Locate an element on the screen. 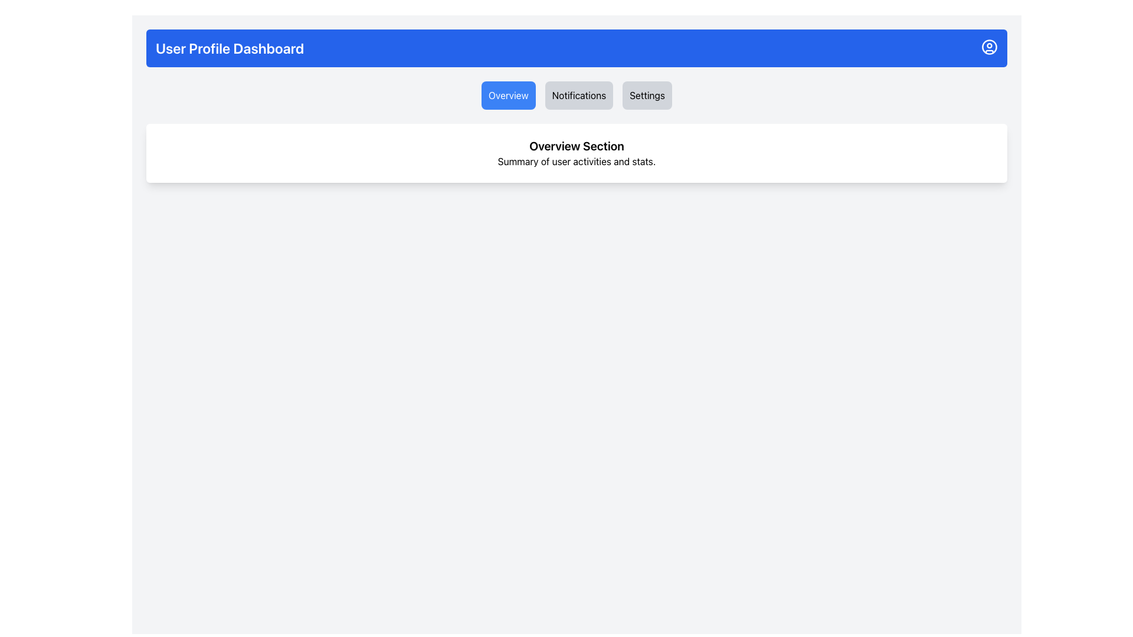 Image resolution: width=1133 pixels, height=637 pixels. the circular graphical icon component located at the top-right corner of the header bar by moving the cursor to its center is located at coordinates (989, 47).